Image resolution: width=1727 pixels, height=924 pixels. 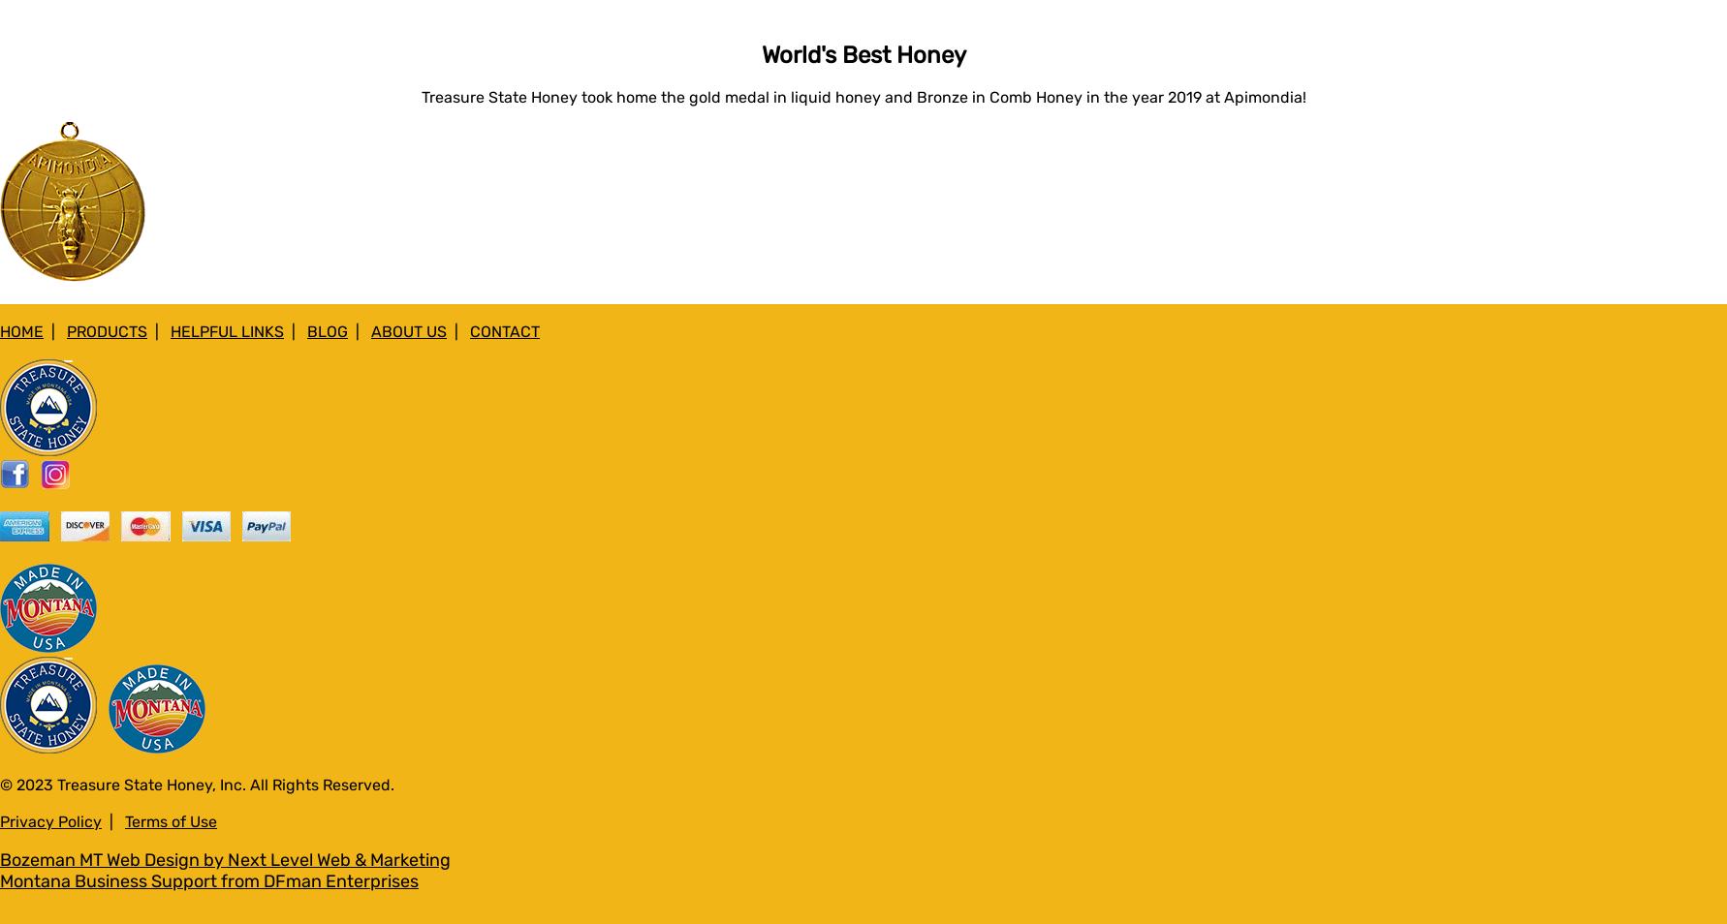 I want to click on 'HELPFUL LINKS', so click(x=227, y=330).